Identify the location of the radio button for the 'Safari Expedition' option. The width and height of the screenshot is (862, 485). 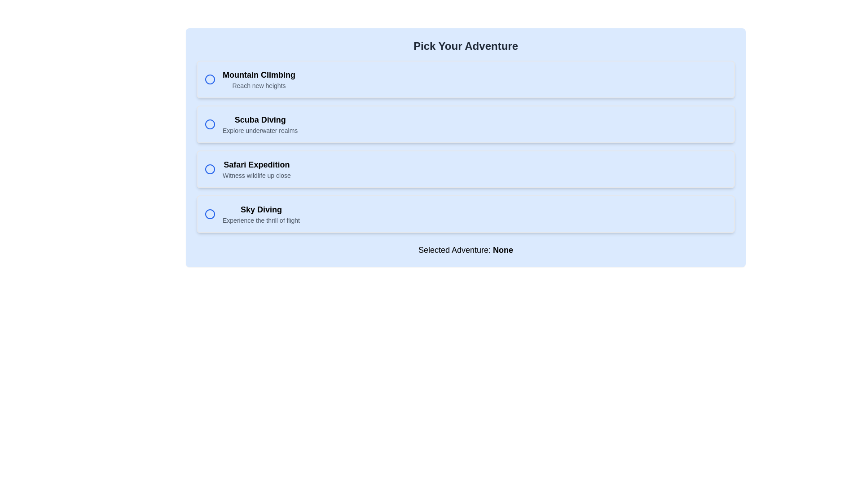
(209, 169).